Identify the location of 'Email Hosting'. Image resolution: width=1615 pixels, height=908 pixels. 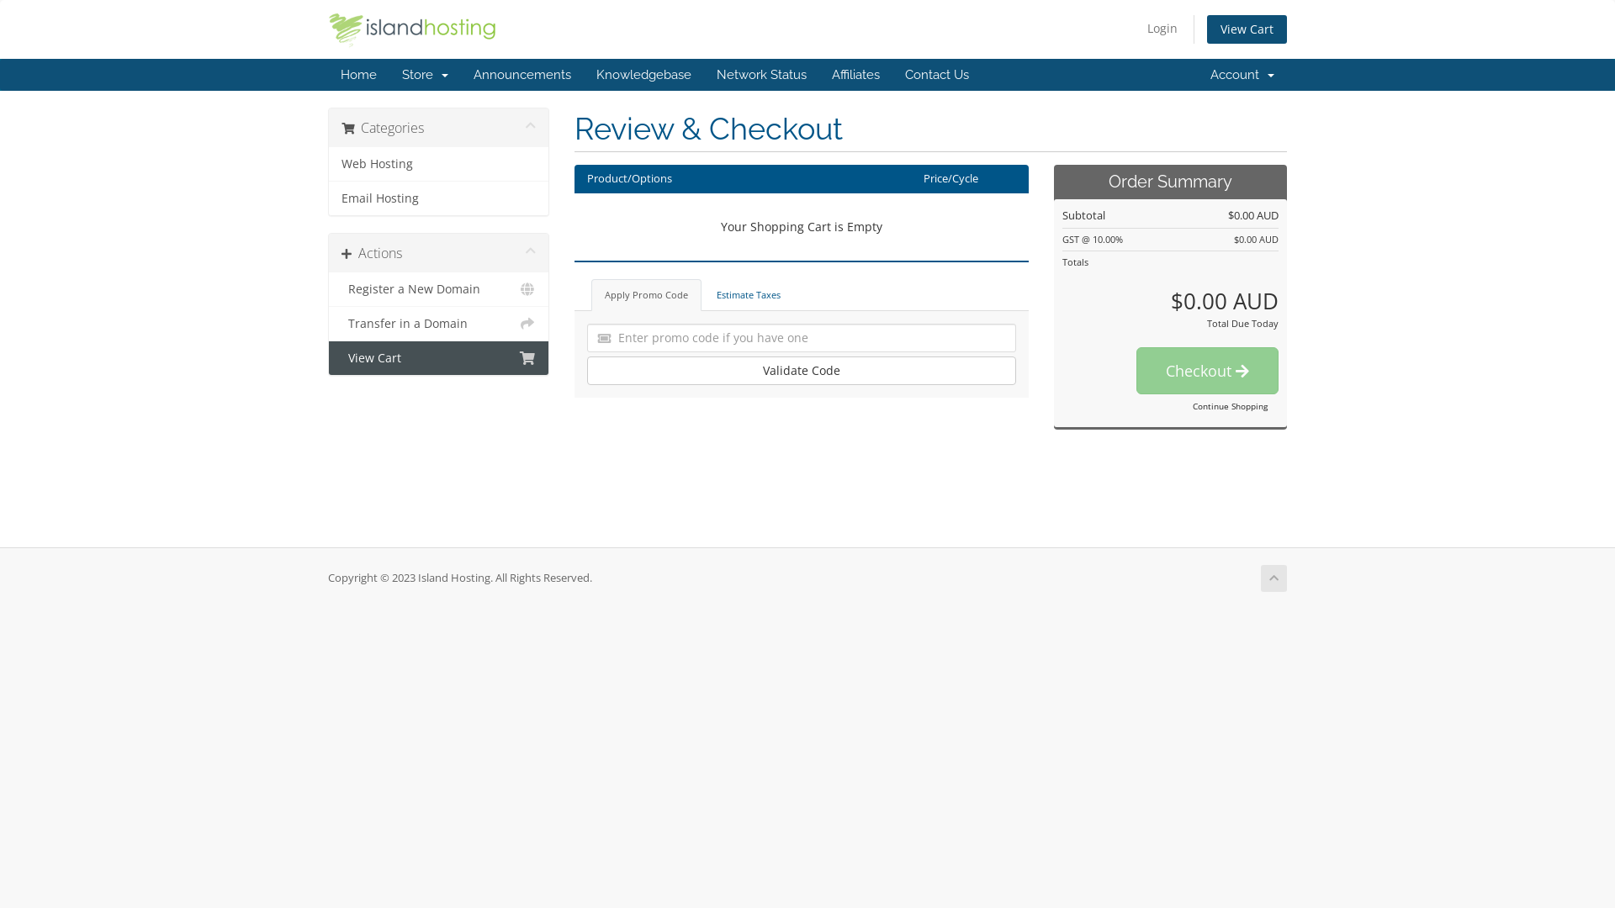
(438, 197).